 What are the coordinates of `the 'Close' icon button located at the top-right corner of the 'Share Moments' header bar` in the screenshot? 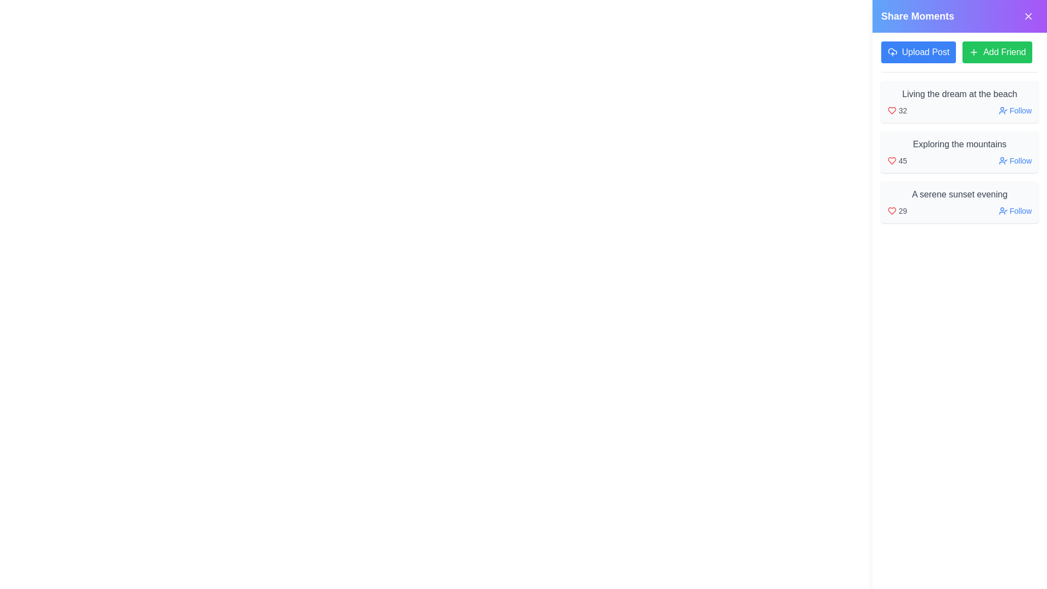 It's located at (1028, 16).